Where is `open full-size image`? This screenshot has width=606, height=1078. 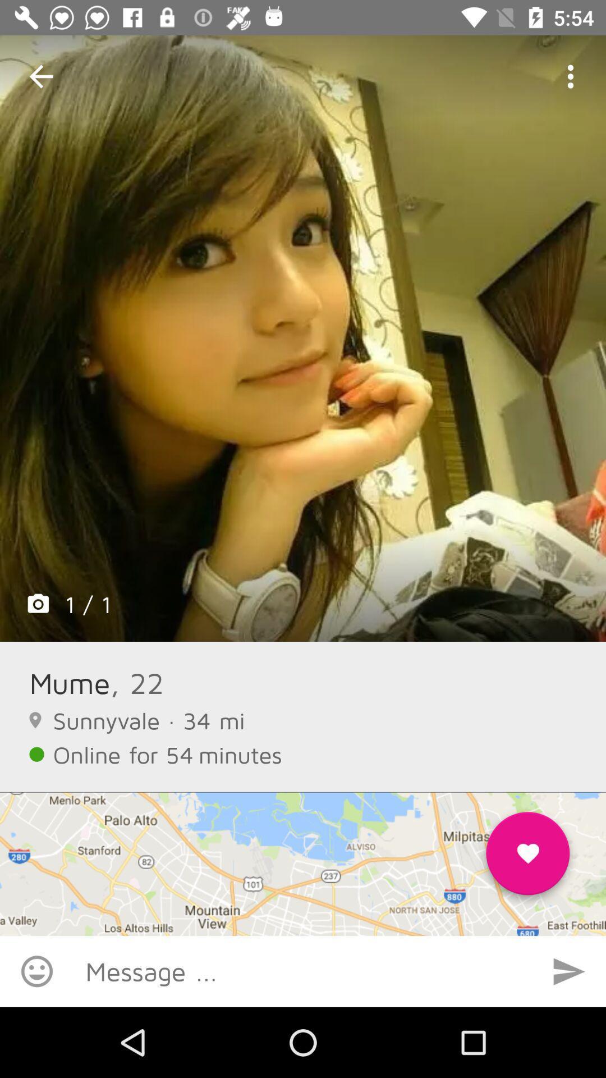
open full-size image is located at coordinates (303, 338).